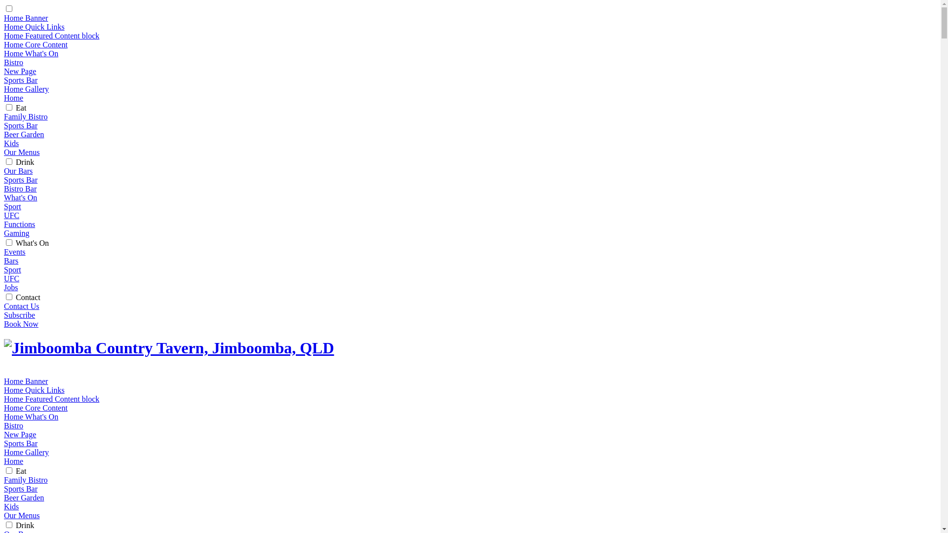 This screenshot has height=533, width=948. What do you see at coordinates (51, 35) in the screenshot?
I see `'Home Featured Content block'` at bounding box center [51, 35].